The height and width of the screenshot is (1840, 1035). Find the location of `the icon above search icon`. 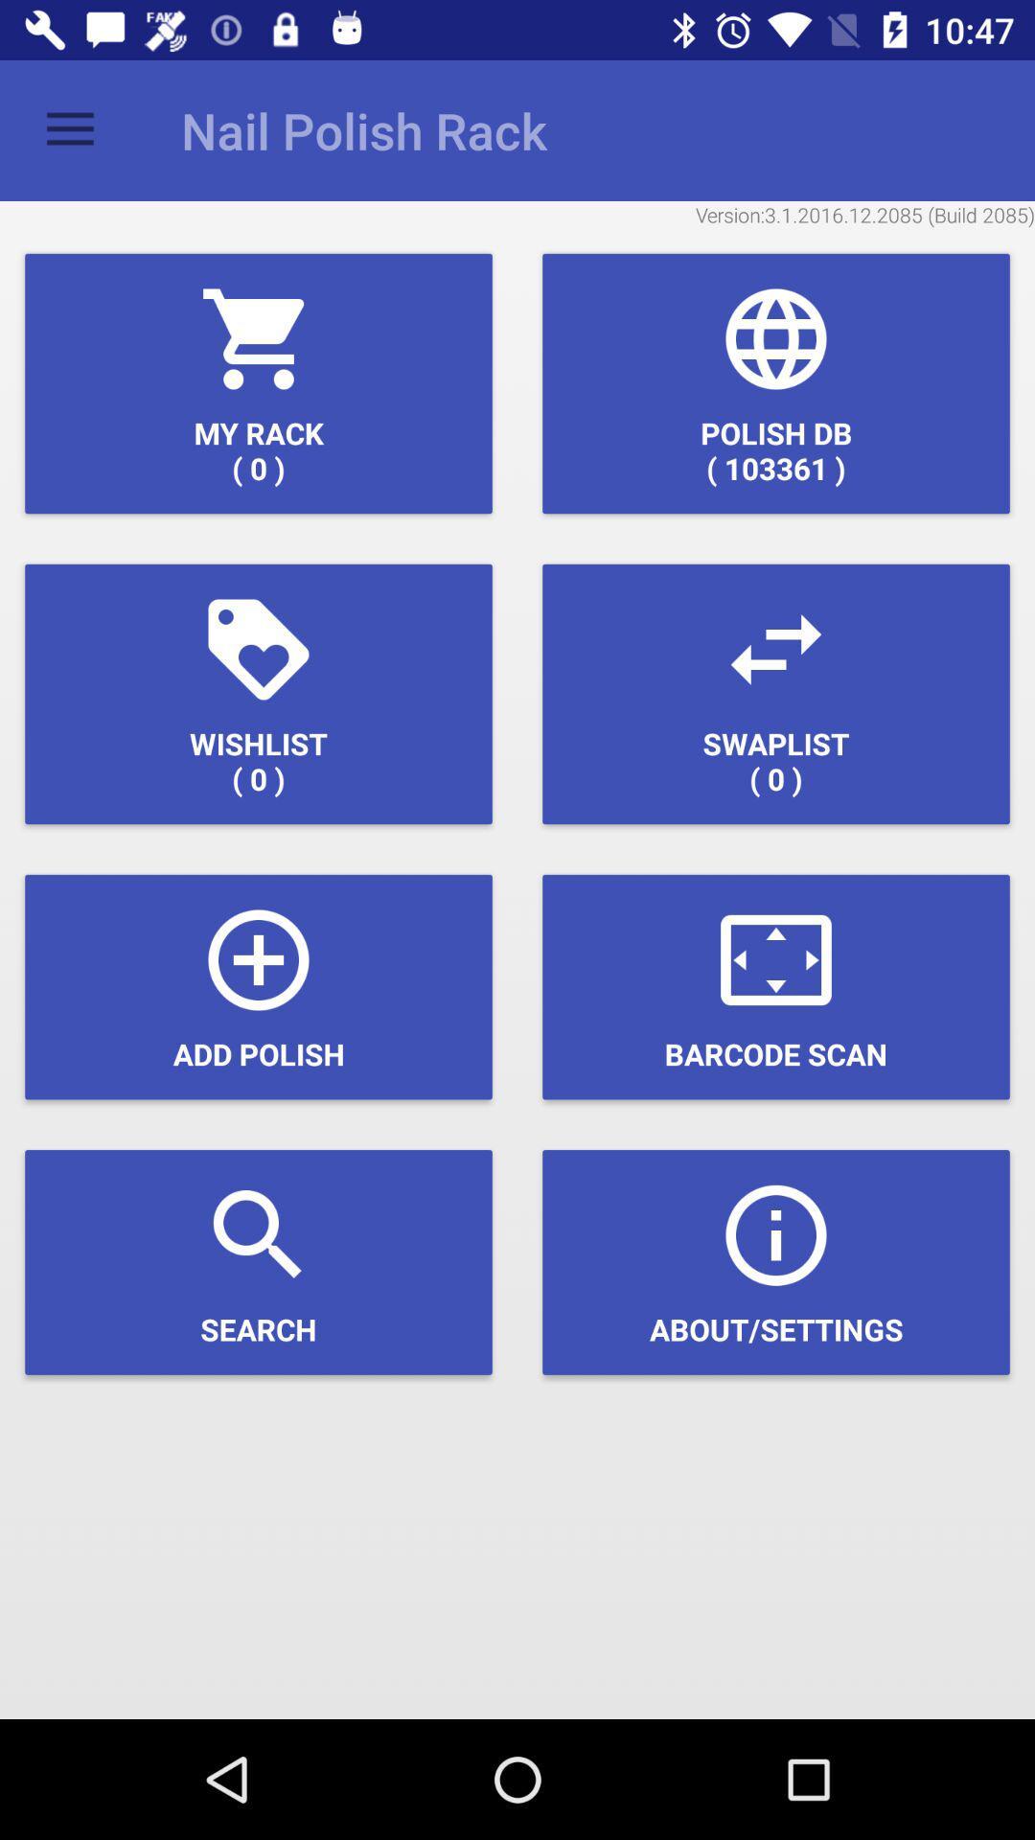

the icon above search icon is located at coordinates (259, 987).